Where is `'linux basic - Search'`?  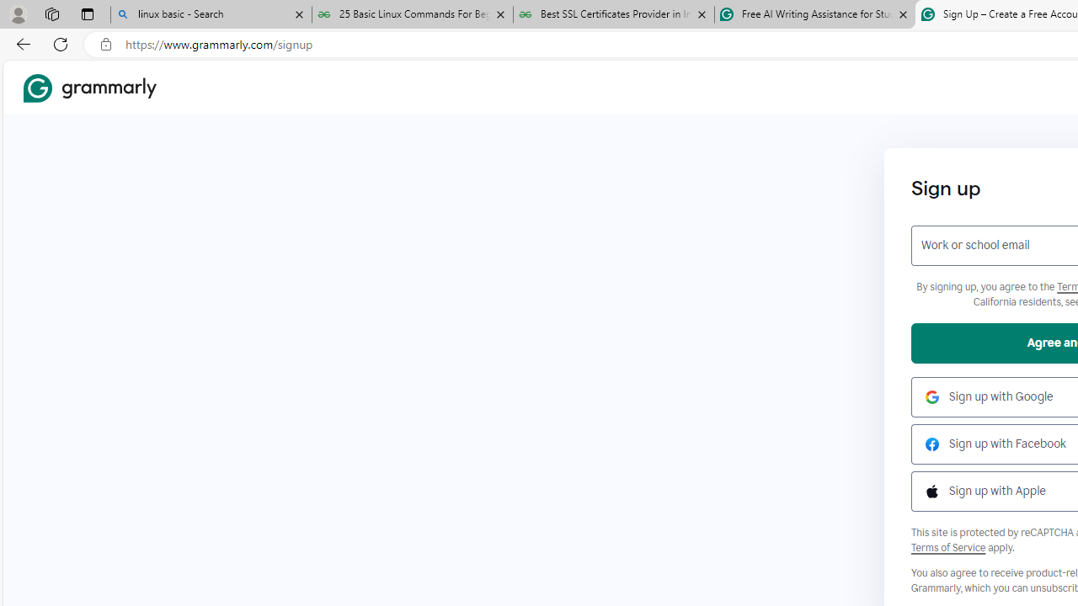 'linux basic - Search' is located at coordinates (210, 14).